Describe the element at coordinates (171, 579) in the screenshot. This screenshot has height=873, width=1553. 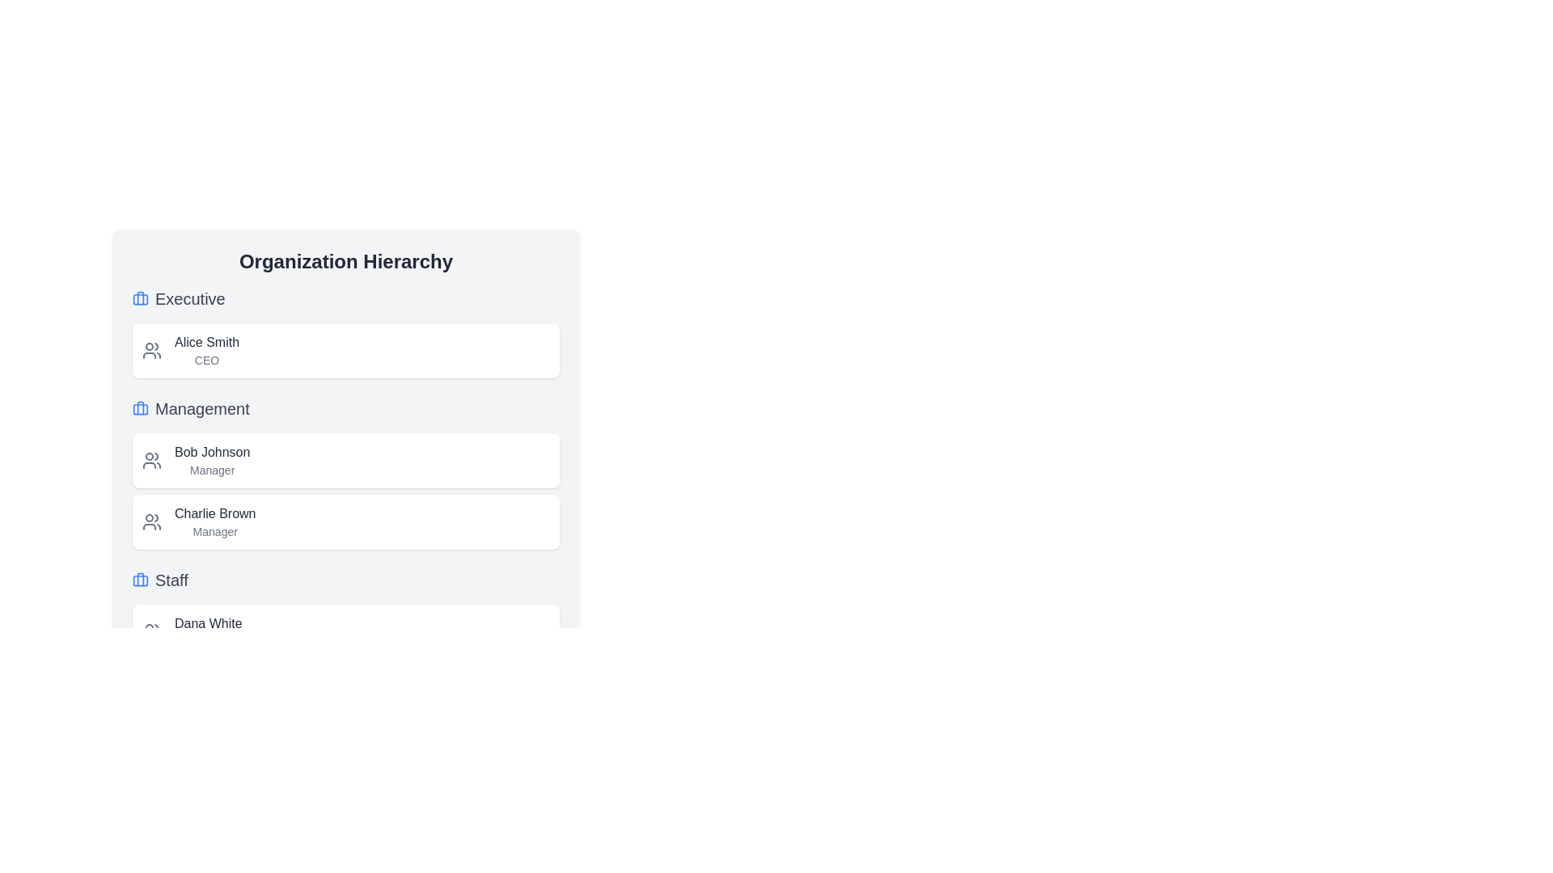
I see `the 'Staff' text label that serves as a header in the organizational hierarchy, located next to the briefcase icon` at that location.